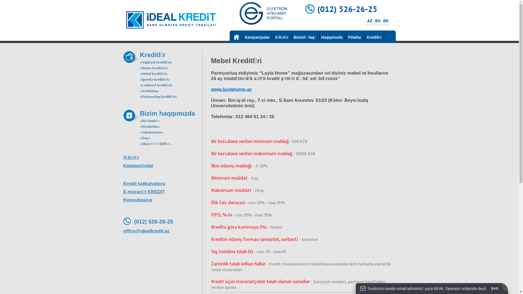 The image size is (523, 294). I want to click on 'Filiallar', so click(346, 37).